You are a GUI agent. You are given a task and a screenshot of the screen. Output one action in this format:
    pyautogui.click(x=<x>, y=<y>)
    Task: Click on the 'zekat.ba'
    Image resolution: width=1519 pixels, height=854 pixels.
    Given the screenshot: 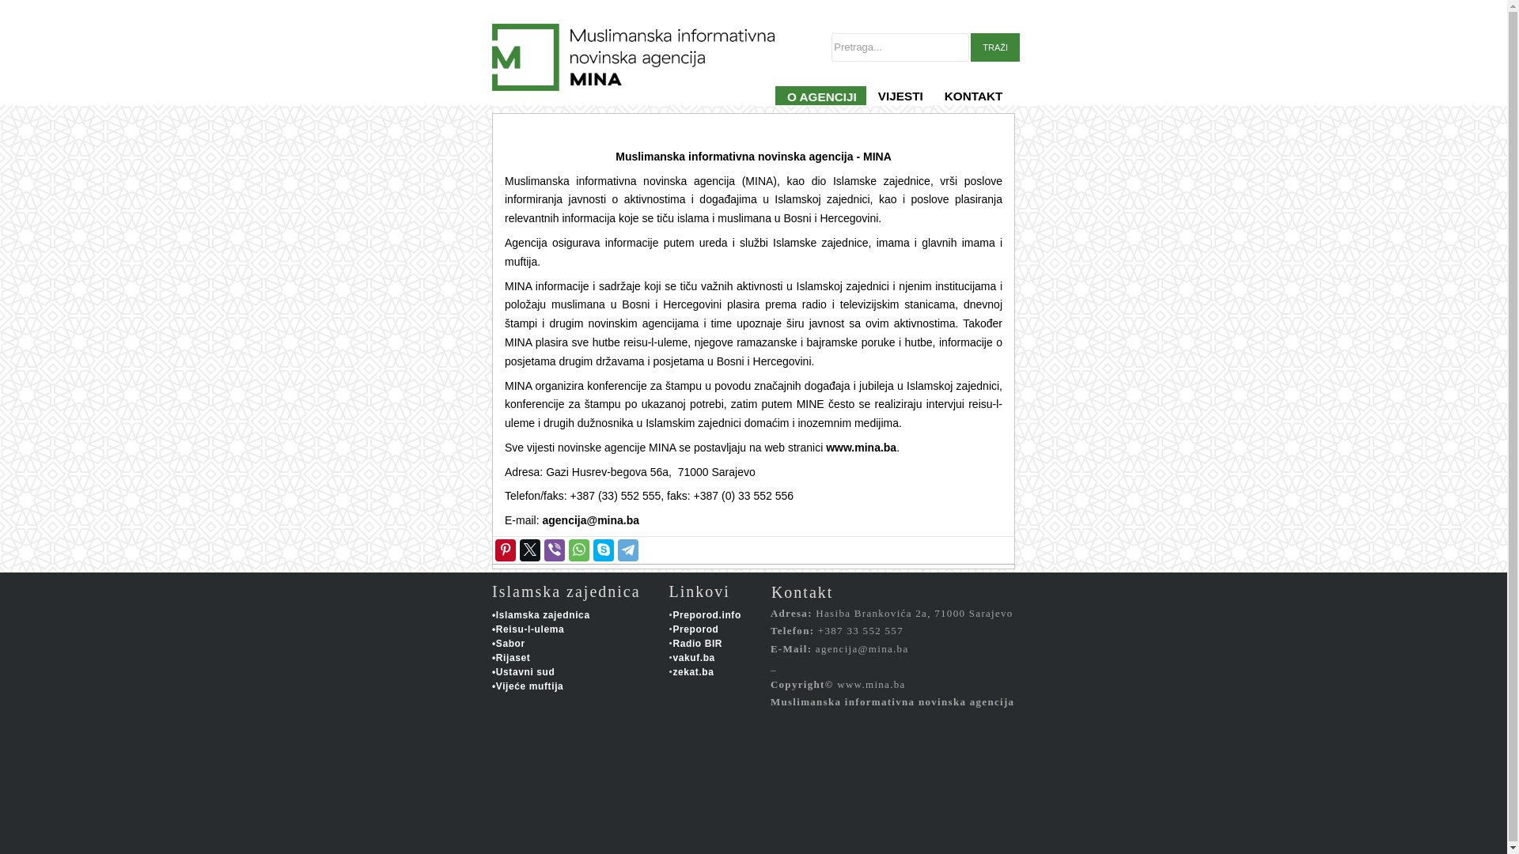 What is the action you would take?
    pyautogui.click(x=692, y=671)
    